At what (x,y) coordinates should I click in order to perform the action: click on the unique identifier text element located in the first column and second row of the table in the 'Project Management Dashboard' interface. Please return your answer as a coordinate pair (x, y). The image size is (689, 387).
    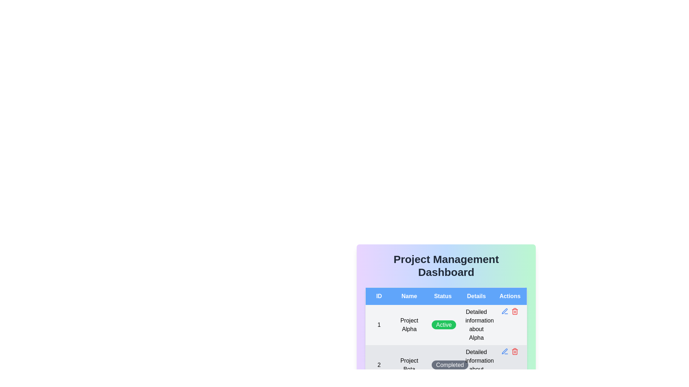
    Looking at the image, I should click on (379, 365).